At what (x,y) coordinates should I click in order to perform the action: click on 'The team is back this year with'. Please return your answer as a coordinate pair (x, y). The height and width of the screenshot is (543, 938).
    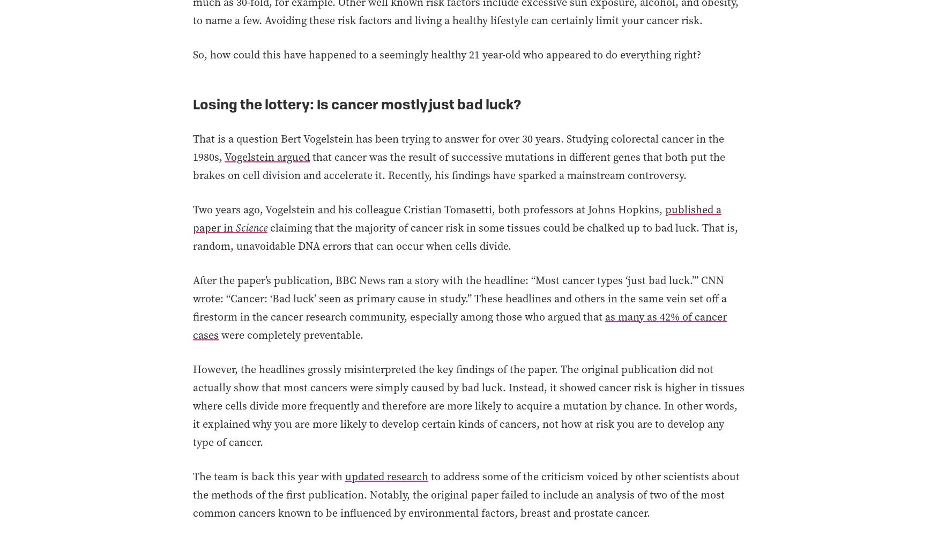
    Looking at the image, I should click on (269, 475).